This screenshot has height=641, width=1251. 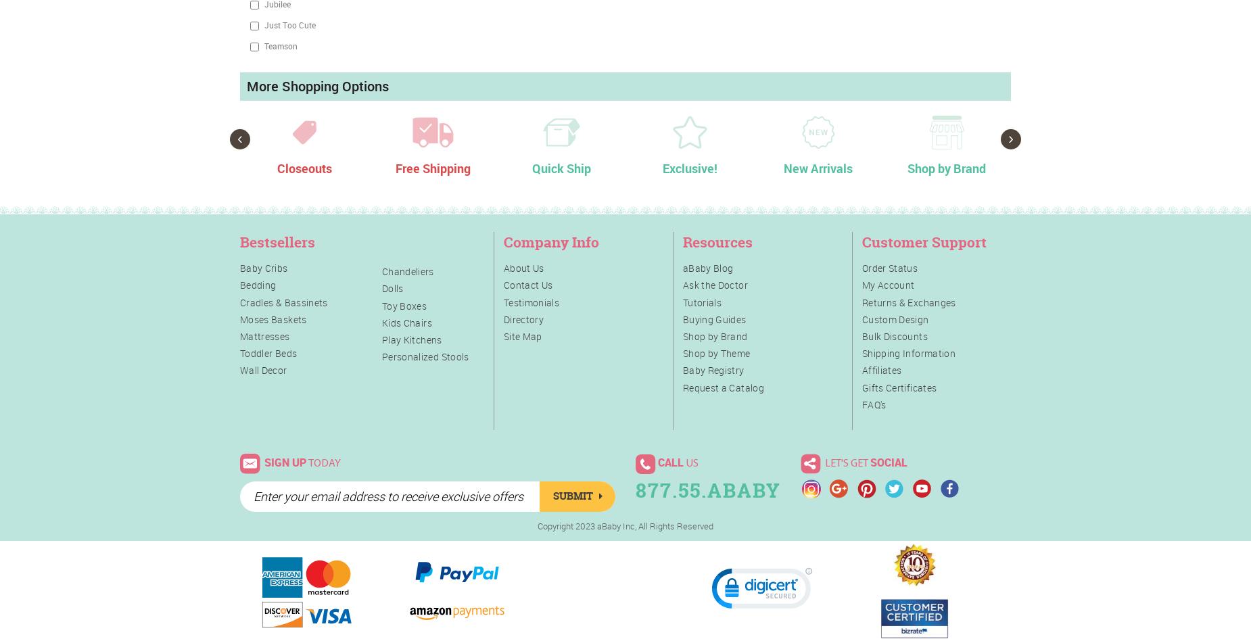 What do you see at coordinates (285, 461) in the screenshot?
I see `'SIGN UP'` at bounding box center [285, 461].